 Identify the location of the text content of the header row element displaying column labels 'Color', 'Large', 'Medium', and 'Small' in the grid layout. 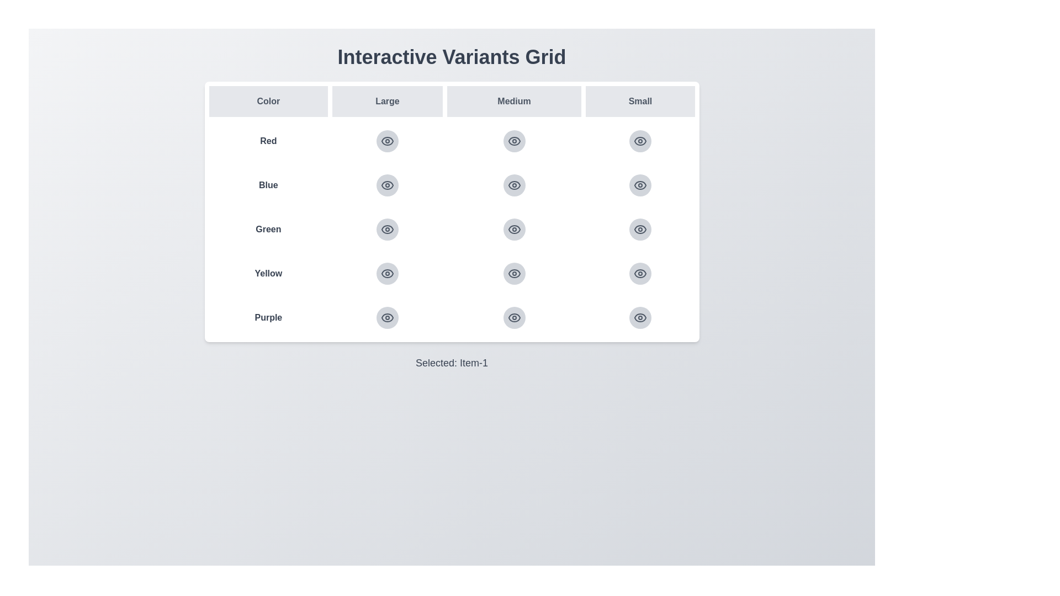
(452, 102).